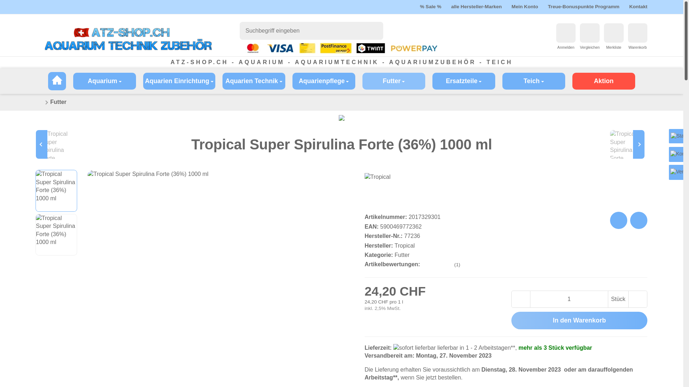 Image resolution: width=689 pixels, height=387 pixels. Describe the element at coordinates (566, 47) in the screenshot. I see `'Anmelden'` at that location.